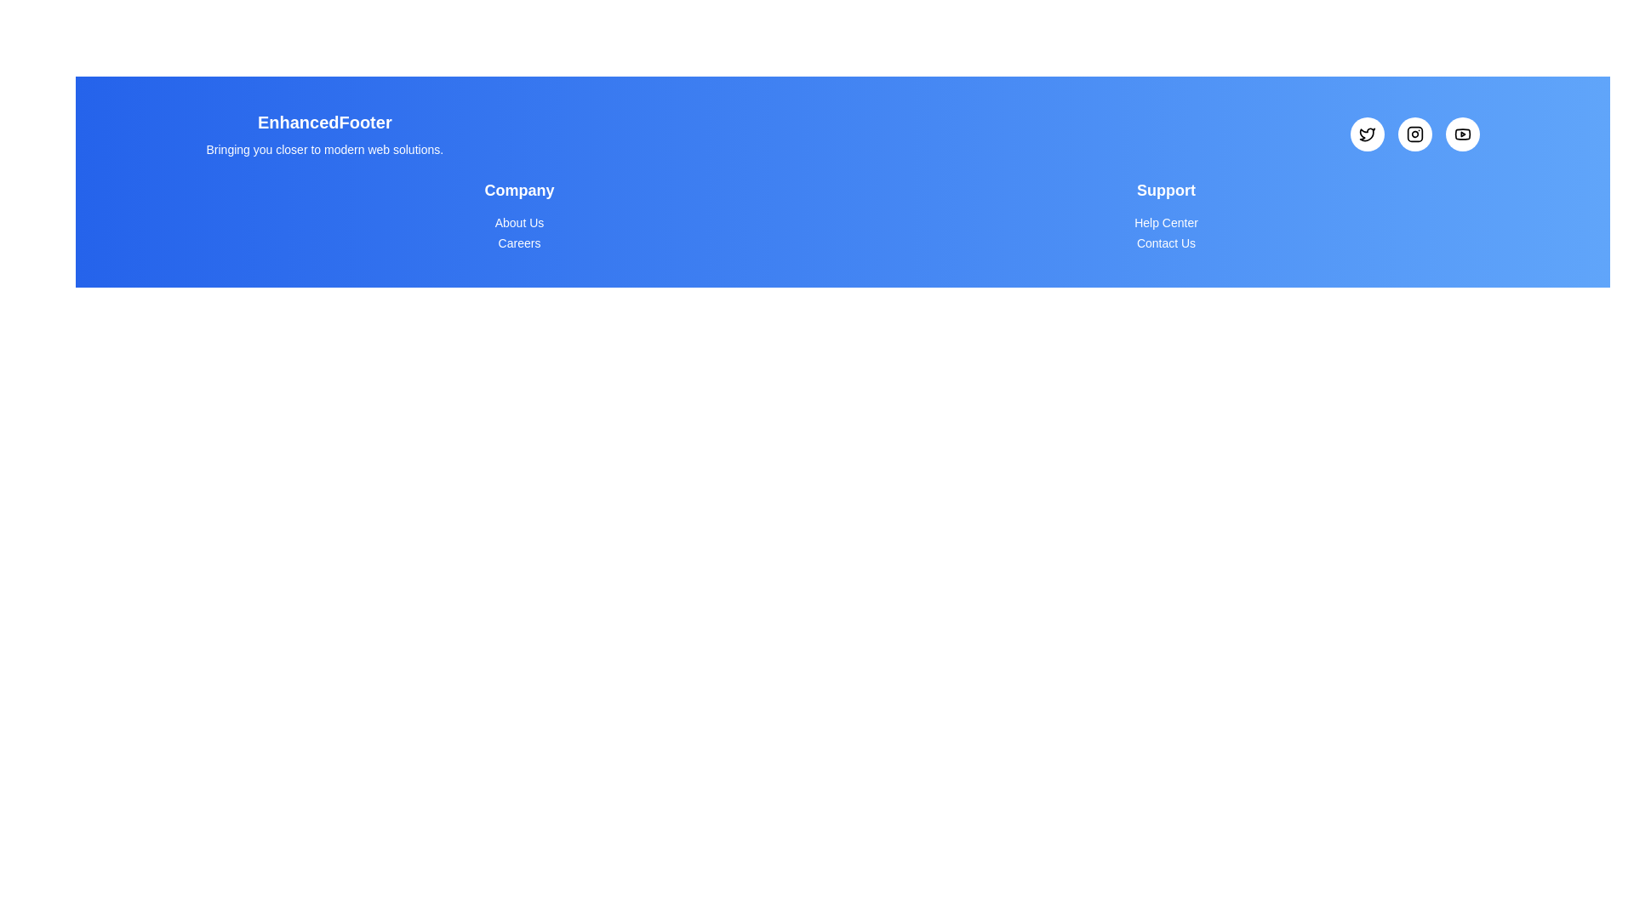 The image size is (1634, 919). I want to click on the first hyperlink in the 'Support' section of the footer to underline it, so click(1165, 222).